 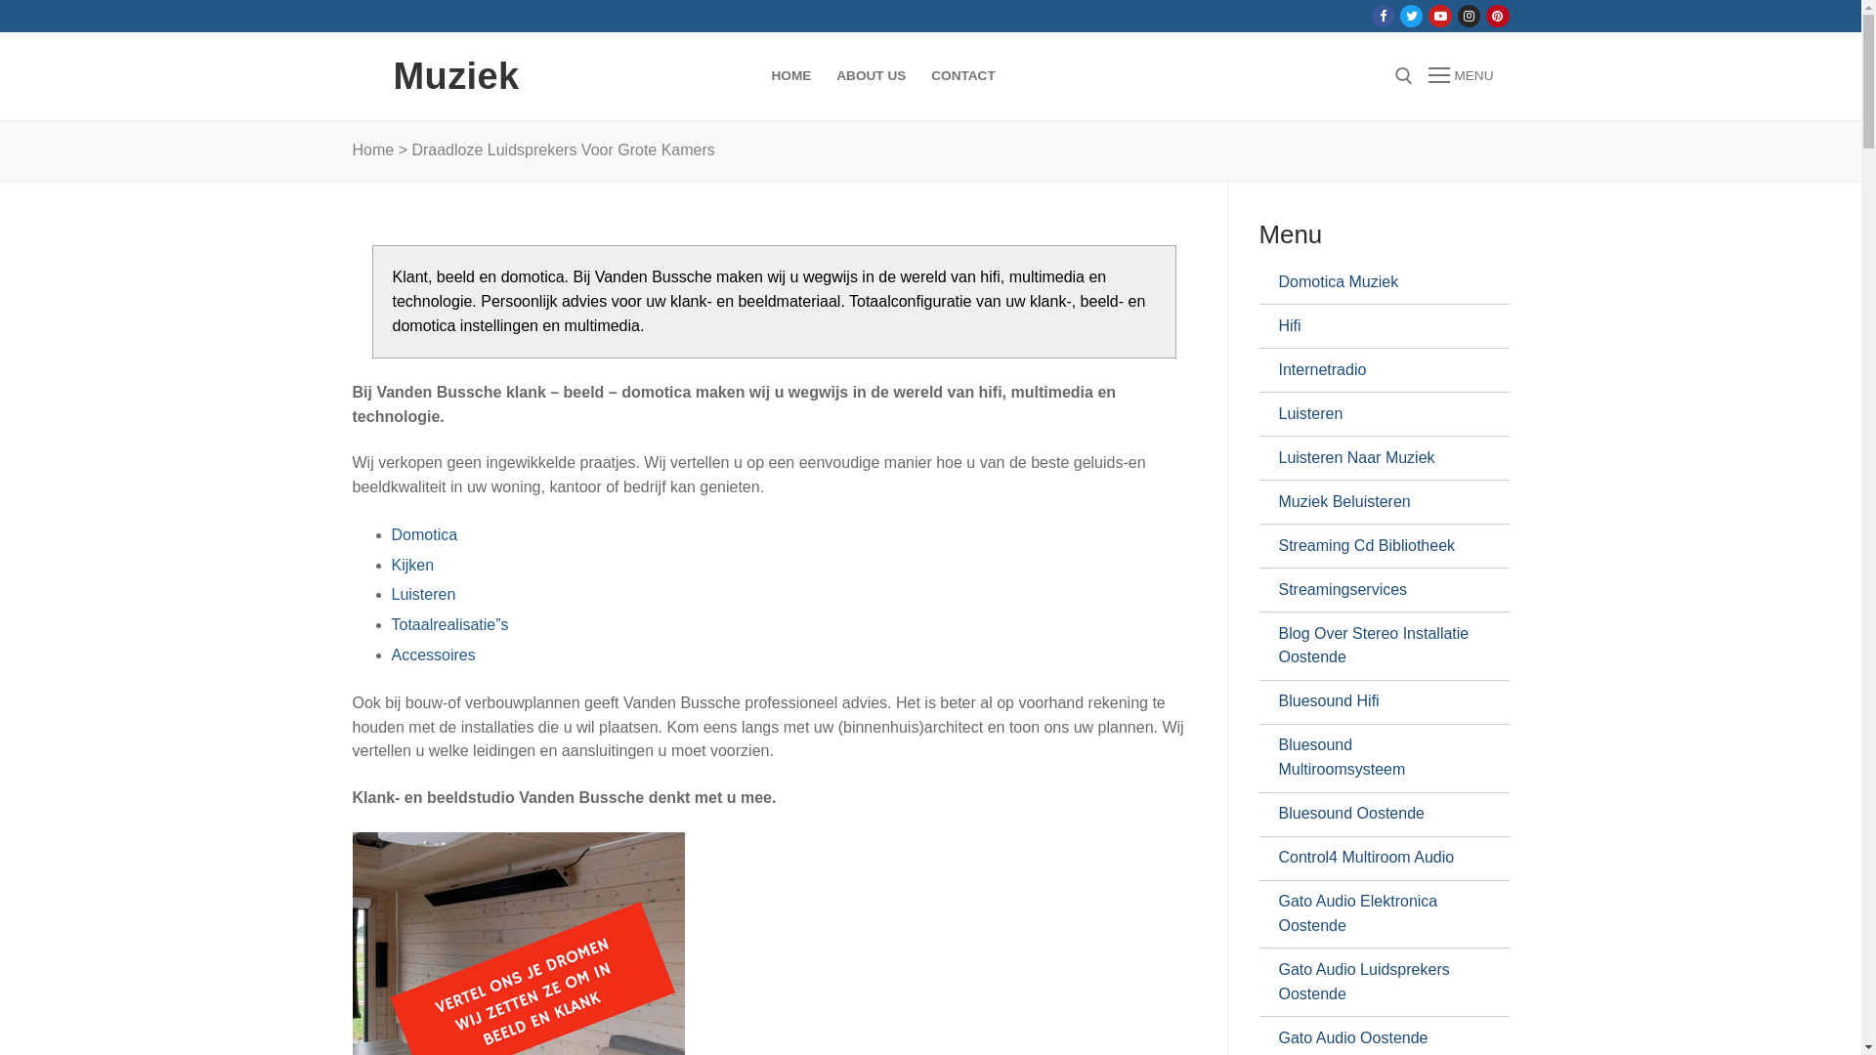 I want to click on 'Twitter', so click(x=1404, y=16).